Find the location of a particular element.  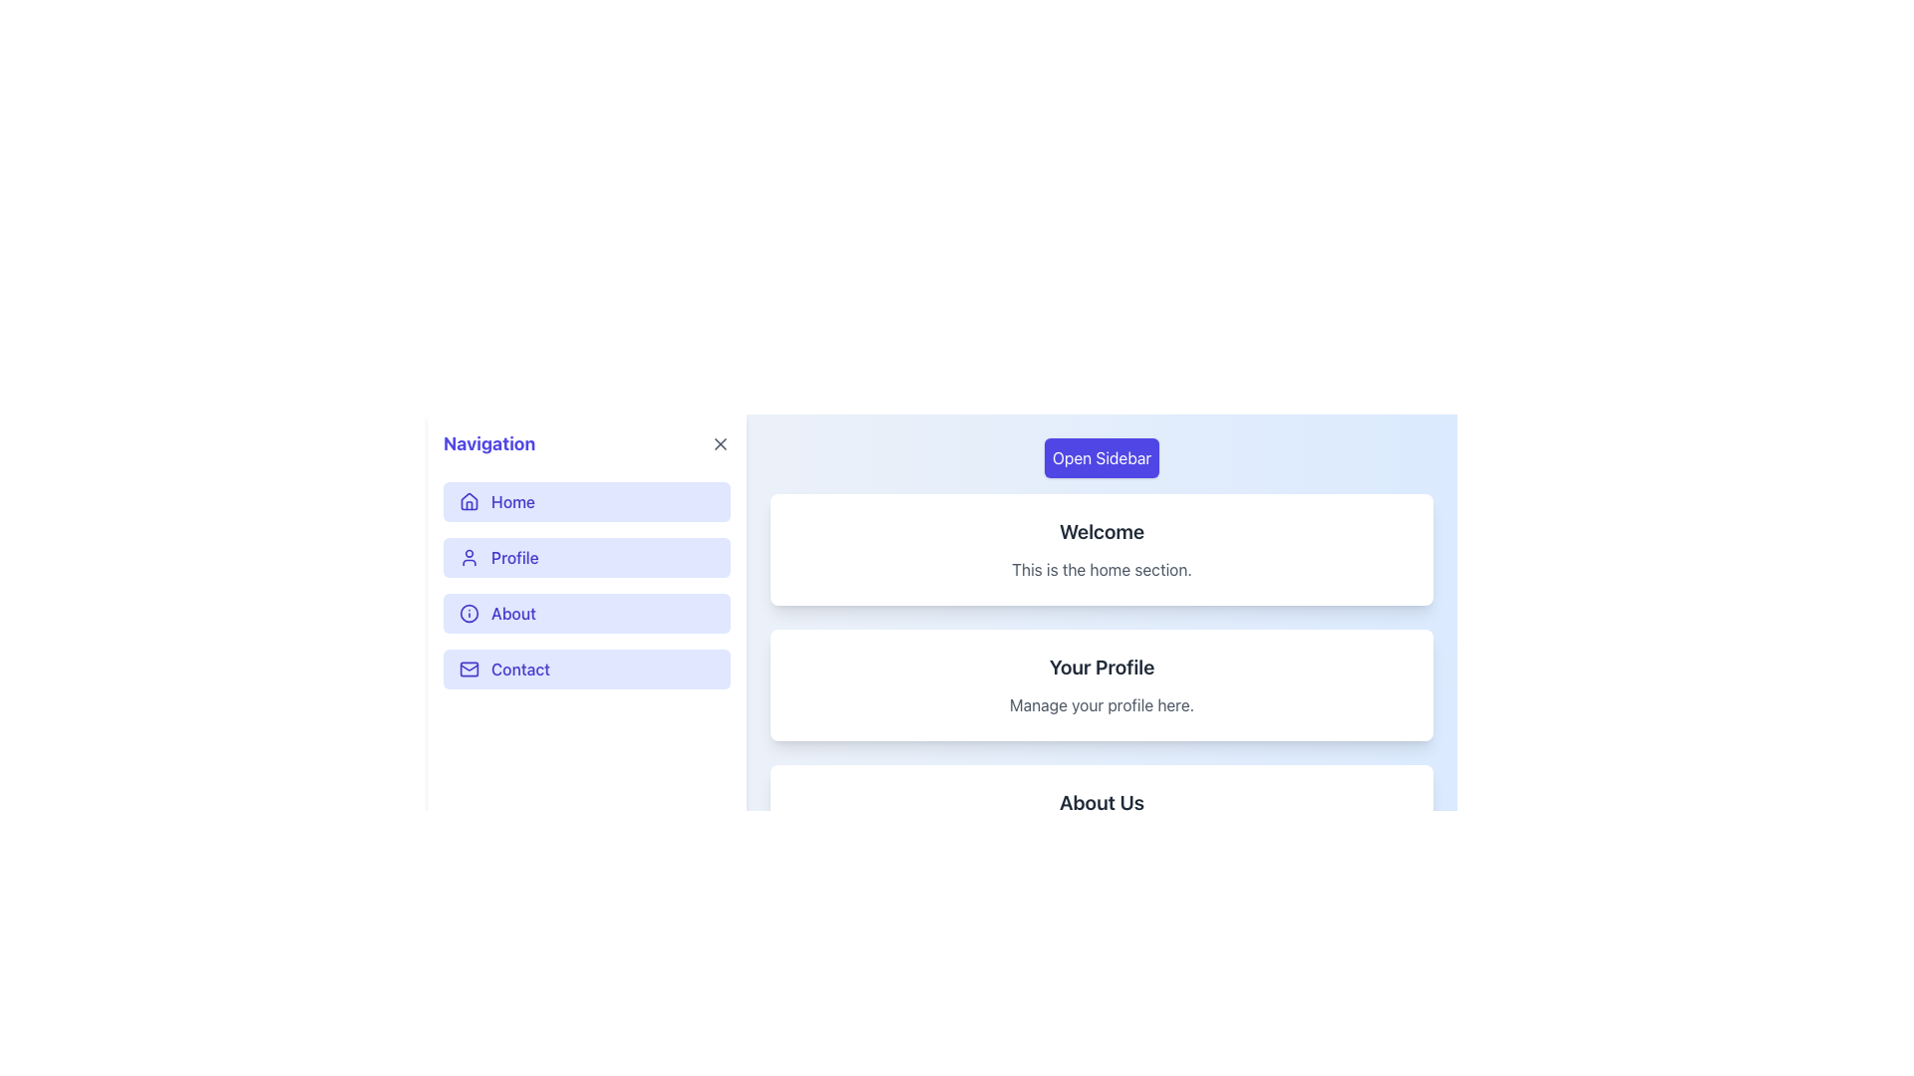

the fourth navigational button in the vertical menu that navigates to the contact section is located at coordinates (586, 669).